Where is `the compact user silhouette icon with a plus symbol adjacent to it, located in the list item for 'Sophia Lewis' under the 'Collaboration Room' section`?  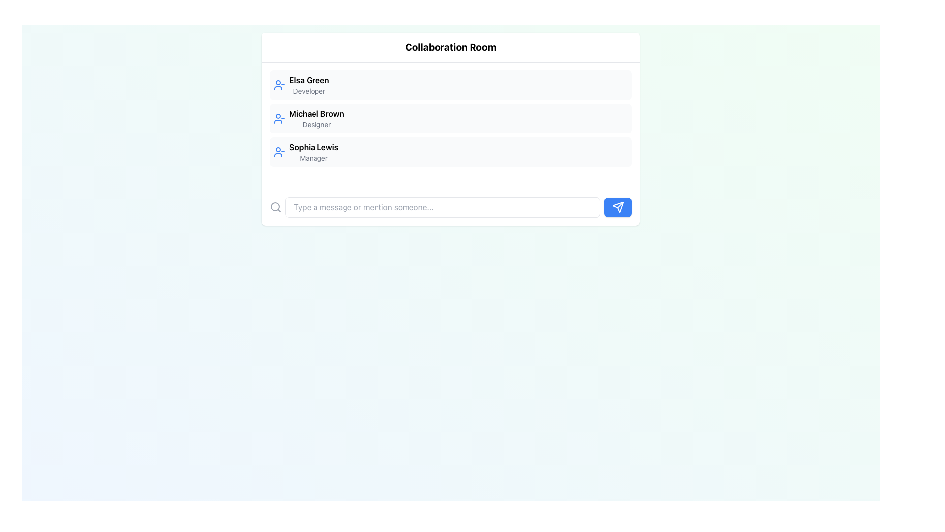 the compact user silhouette icon with a plus symbol adjacent to it, located in the list item for 'Sophia Lewis' under the 'Collaboration Room' section is located at coordinates (279, 152).